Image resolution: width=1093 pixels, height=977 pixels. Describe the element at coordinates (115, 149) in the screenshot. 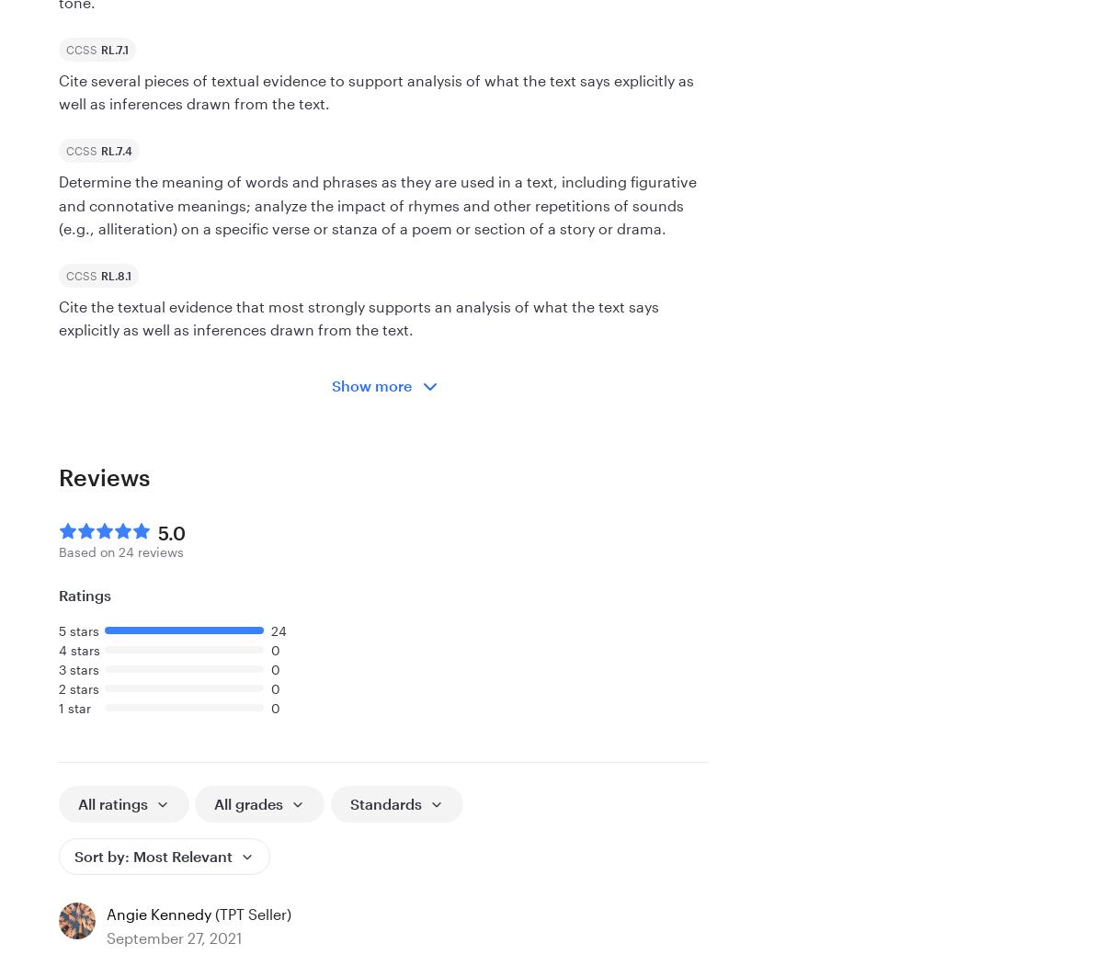

I see `'RL.7.4'` at that location.